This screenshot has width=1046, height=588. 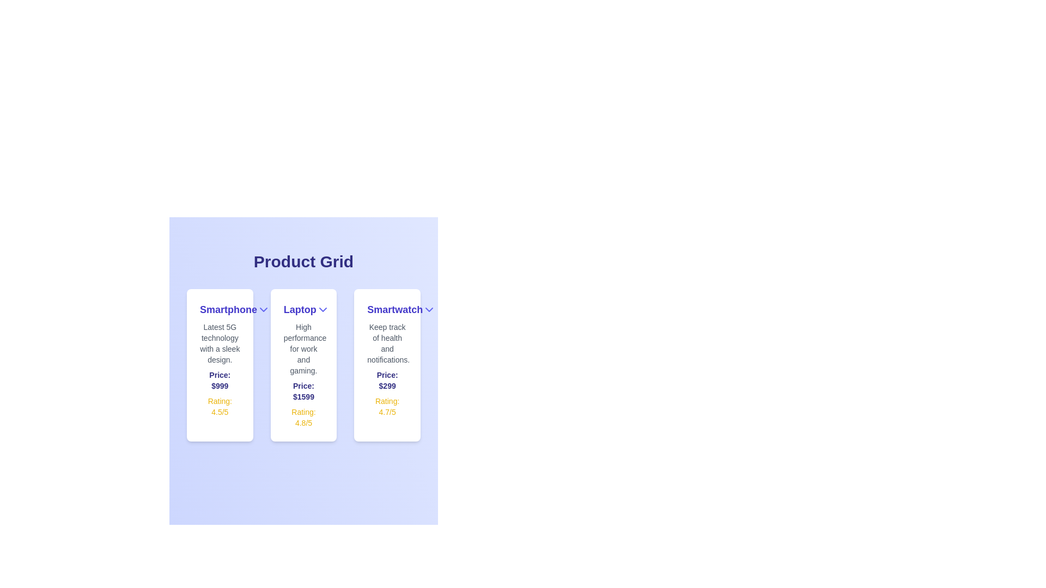 I want to click on the blue downward-pointing chevron icon next to the 'Laptop' title, so click(x=322, y=310).